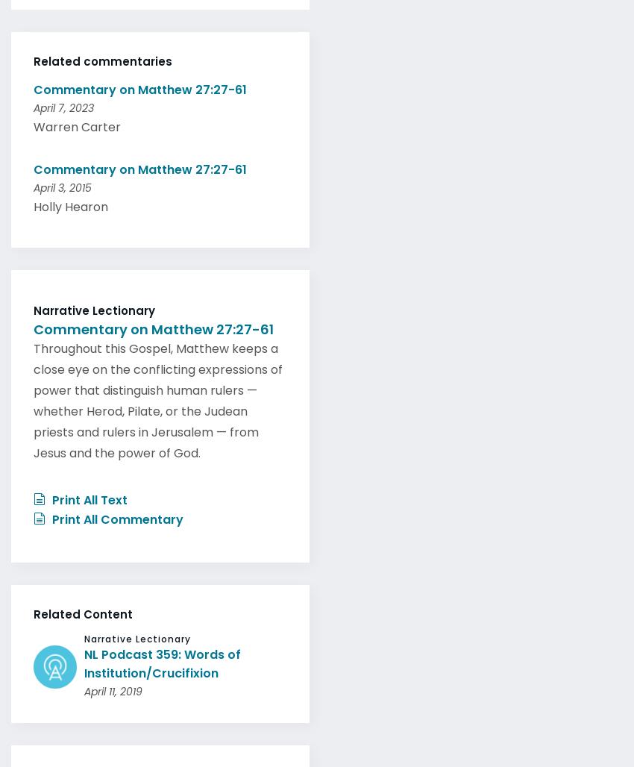 This screenshot has width=634, height=767. What do you see at coordinates (76, 122) in the screenshot?
I see `'Warren Carter'` at bounding box center [76, 122].